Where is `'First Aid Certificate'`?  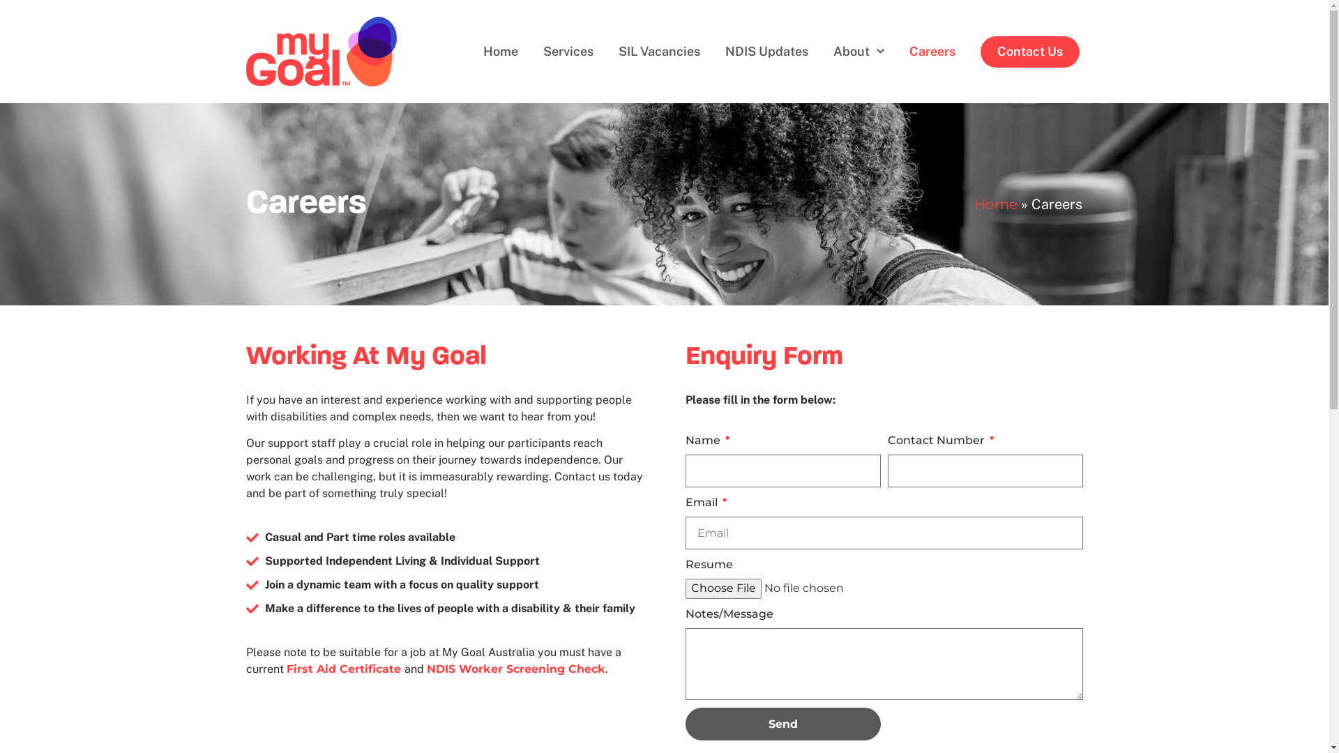
'First Aid Certificate' is located at coordinates (345, 668).